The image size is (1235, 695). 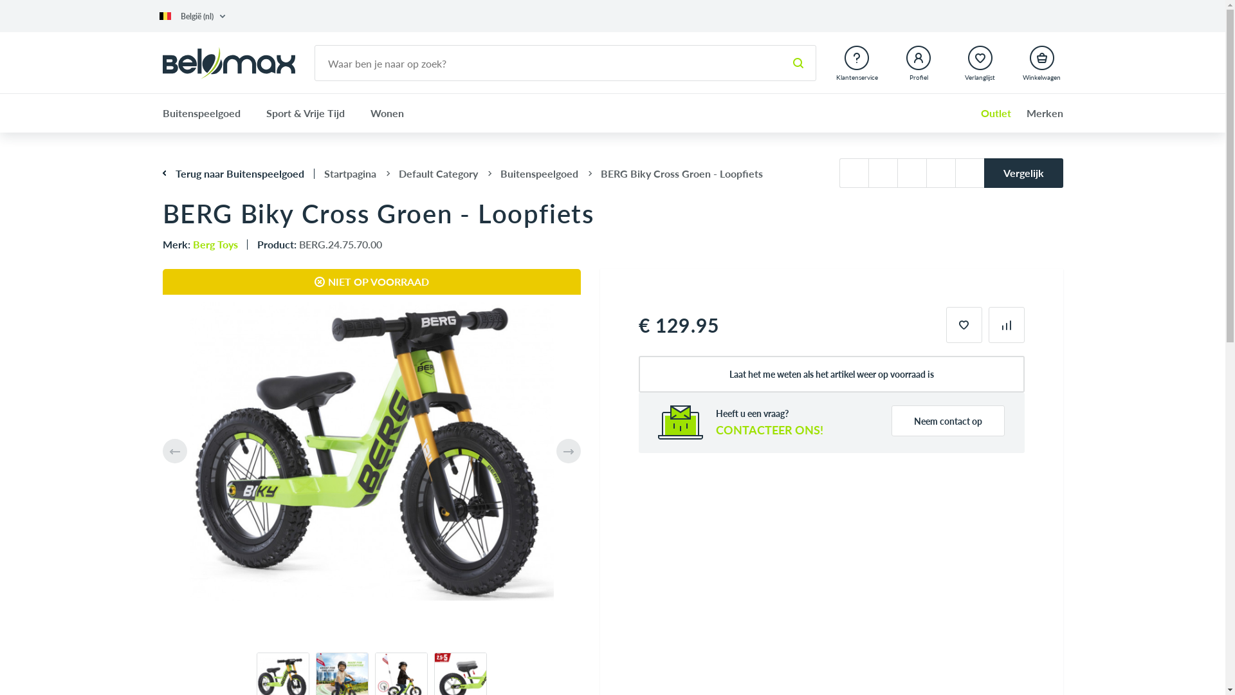 I want to click on 'Merken', so click(x=1038, y=113).